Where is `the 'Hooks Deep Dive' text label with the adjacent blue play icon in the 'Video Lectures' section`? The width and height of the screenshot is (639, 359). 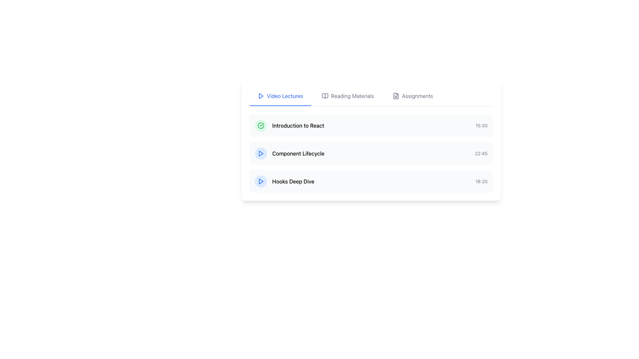
the 'Hooks Deep Dive' text label with the adjacent blue play icon in the 'Video Lectures' section is located at coordinates (285, 181).